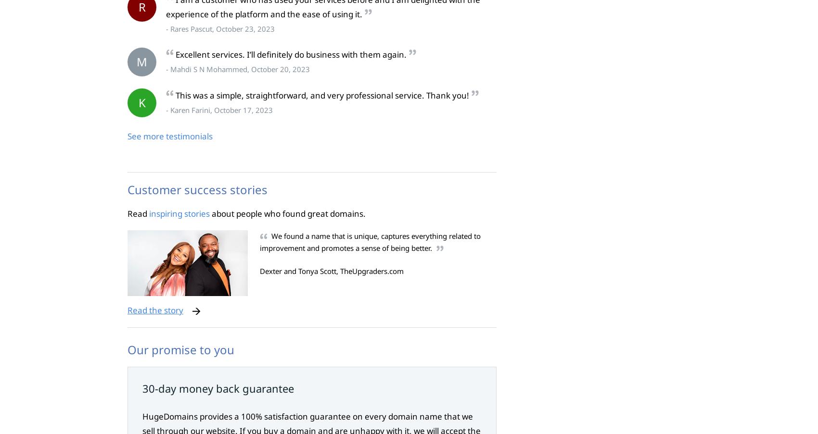 The height and width of the screenshot is (434, 818). I want to click on '- Rares Pascut, October 23, 2023', so click(220, 27).